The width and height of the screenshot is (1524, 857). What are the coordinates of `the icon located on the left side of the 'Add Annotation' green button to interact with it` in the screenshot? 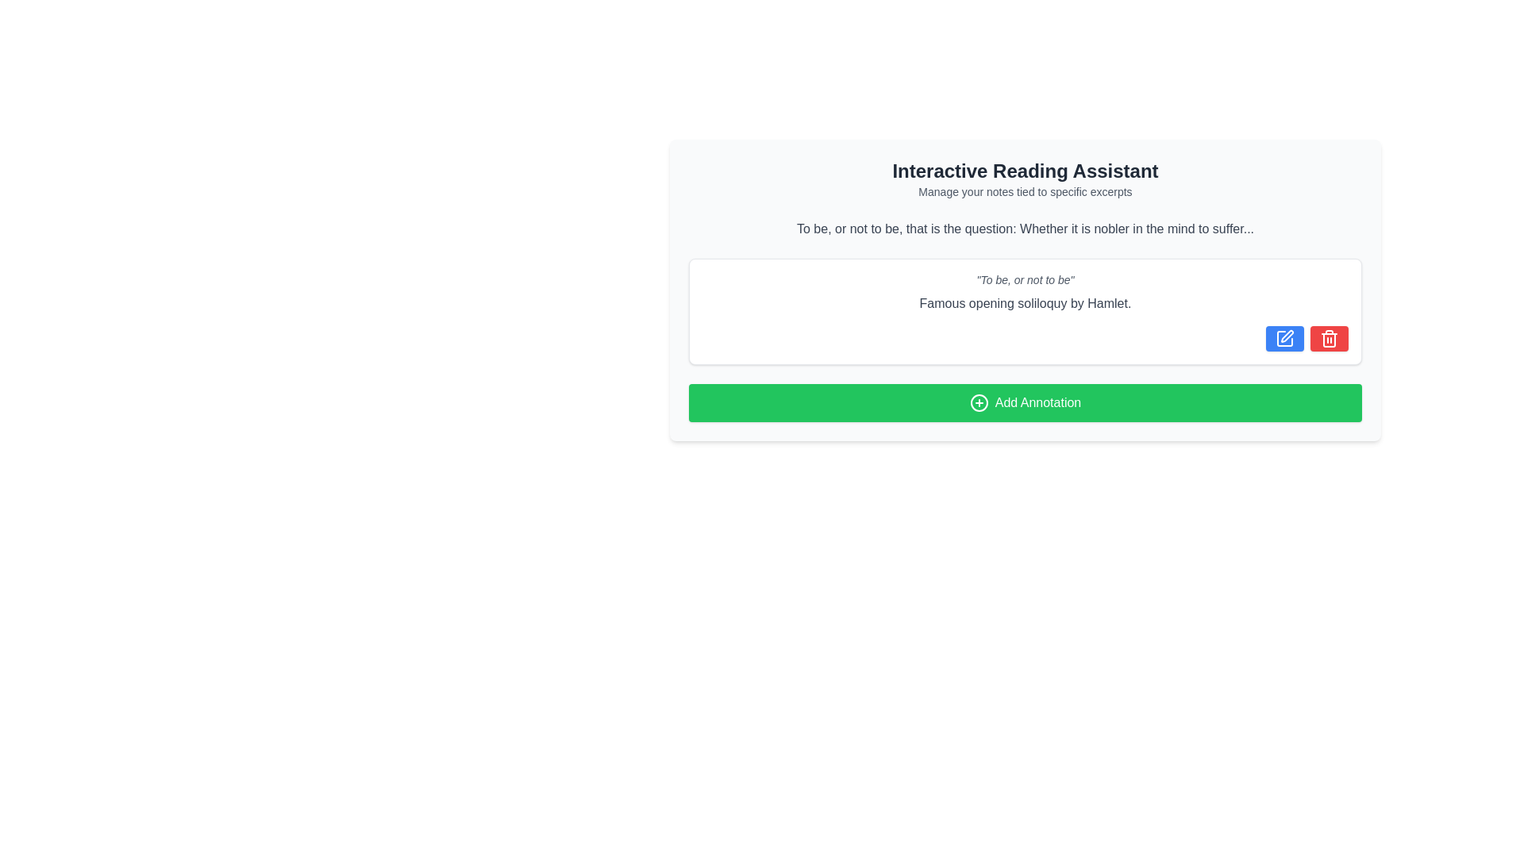 It's located at (978, 402).